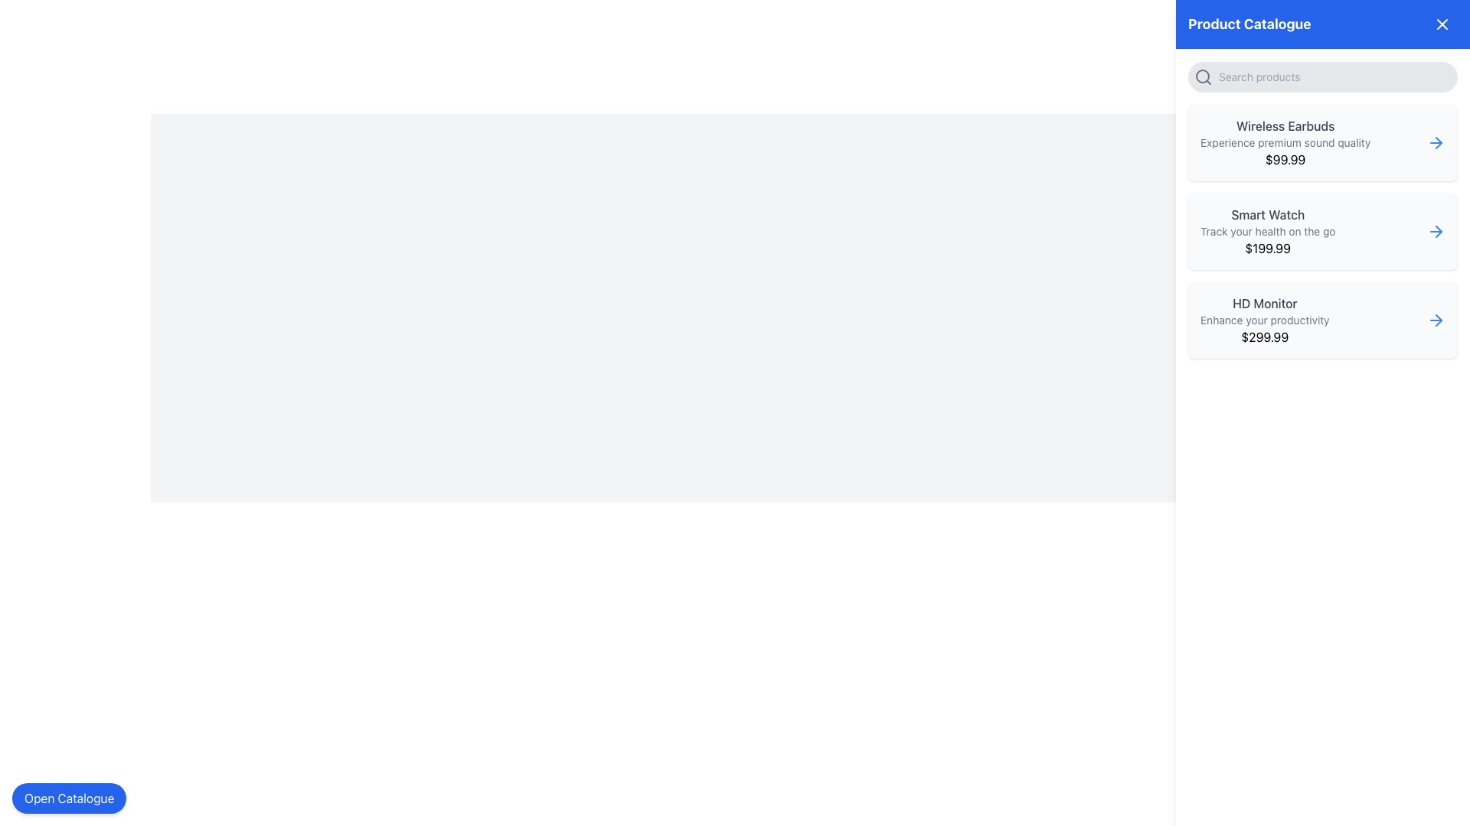 The height and width of the screenshot is (826, 1470). What do you see at coordinates (1265, 320) in the screenshot?
I see `descriptive text 'Enhance your productivity' located below the title 'HD Monitor' and above the price '$299.99' in the product listing card` at bounding box center [1265, 320].